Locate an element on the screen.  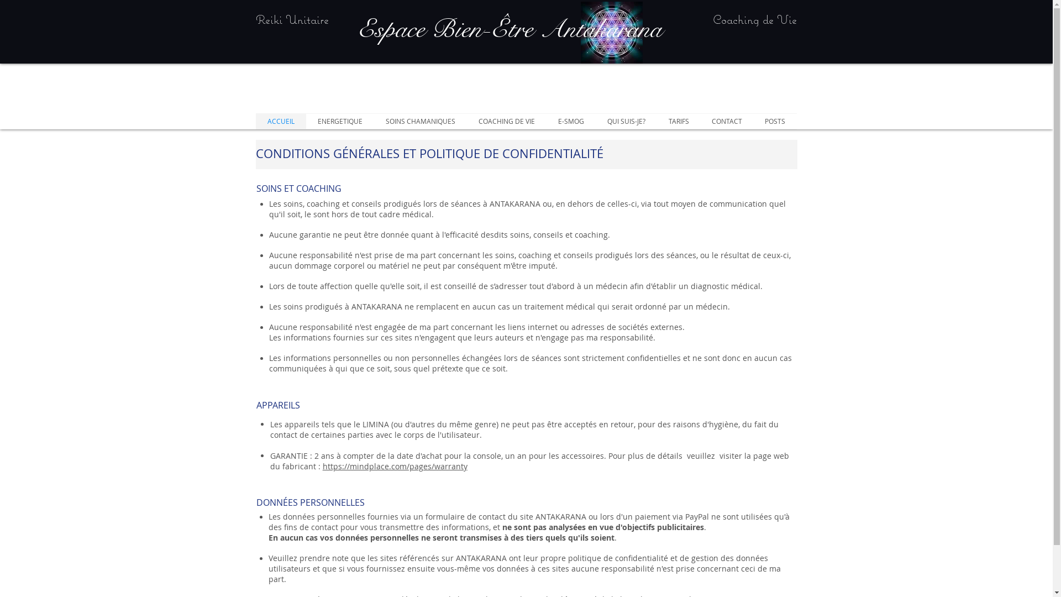
'CONTACT' is located at coordinates (727, 121).